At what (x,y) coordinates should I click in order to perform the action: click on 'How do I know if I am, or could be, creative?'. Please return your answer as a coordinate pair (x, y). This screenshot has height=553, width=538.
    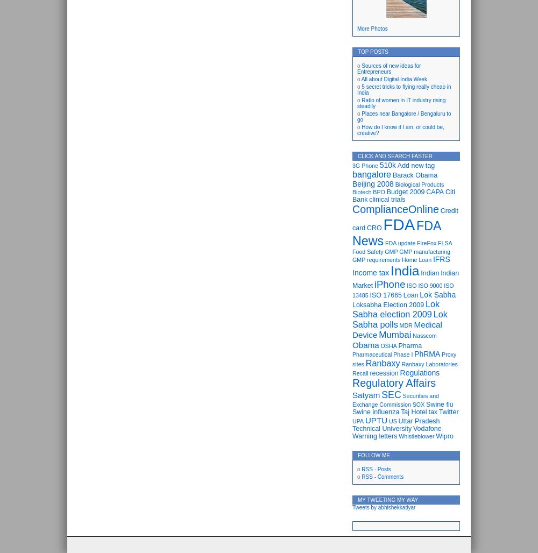
    Looking at the image, I should click on (357, 129).